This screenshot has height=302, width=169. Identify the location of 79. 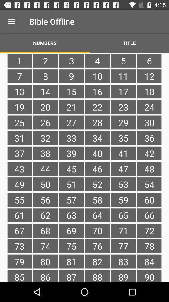
(19, 261).